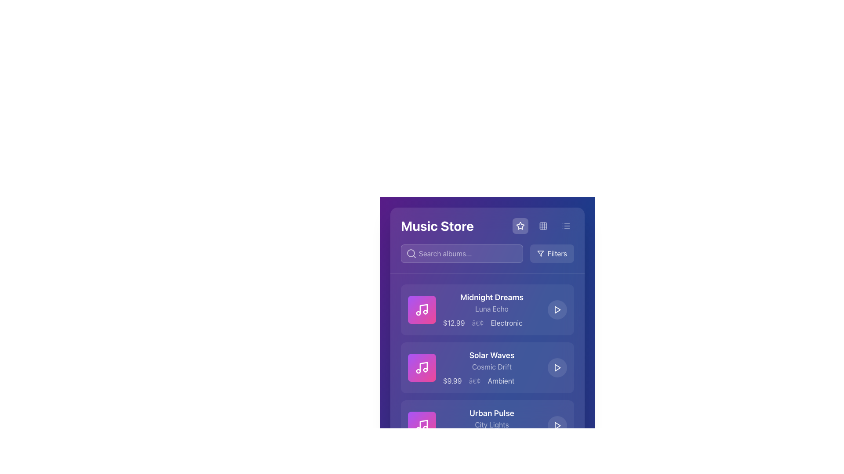 The width and height of the screenshot is (844, 474). Describe the element at coordinates (474, 380) in the screenshot. I see `the text component displaying the character '•' located between the price '$9.99' and the genre 'Ambient' in the second entry of the music list` at that location.